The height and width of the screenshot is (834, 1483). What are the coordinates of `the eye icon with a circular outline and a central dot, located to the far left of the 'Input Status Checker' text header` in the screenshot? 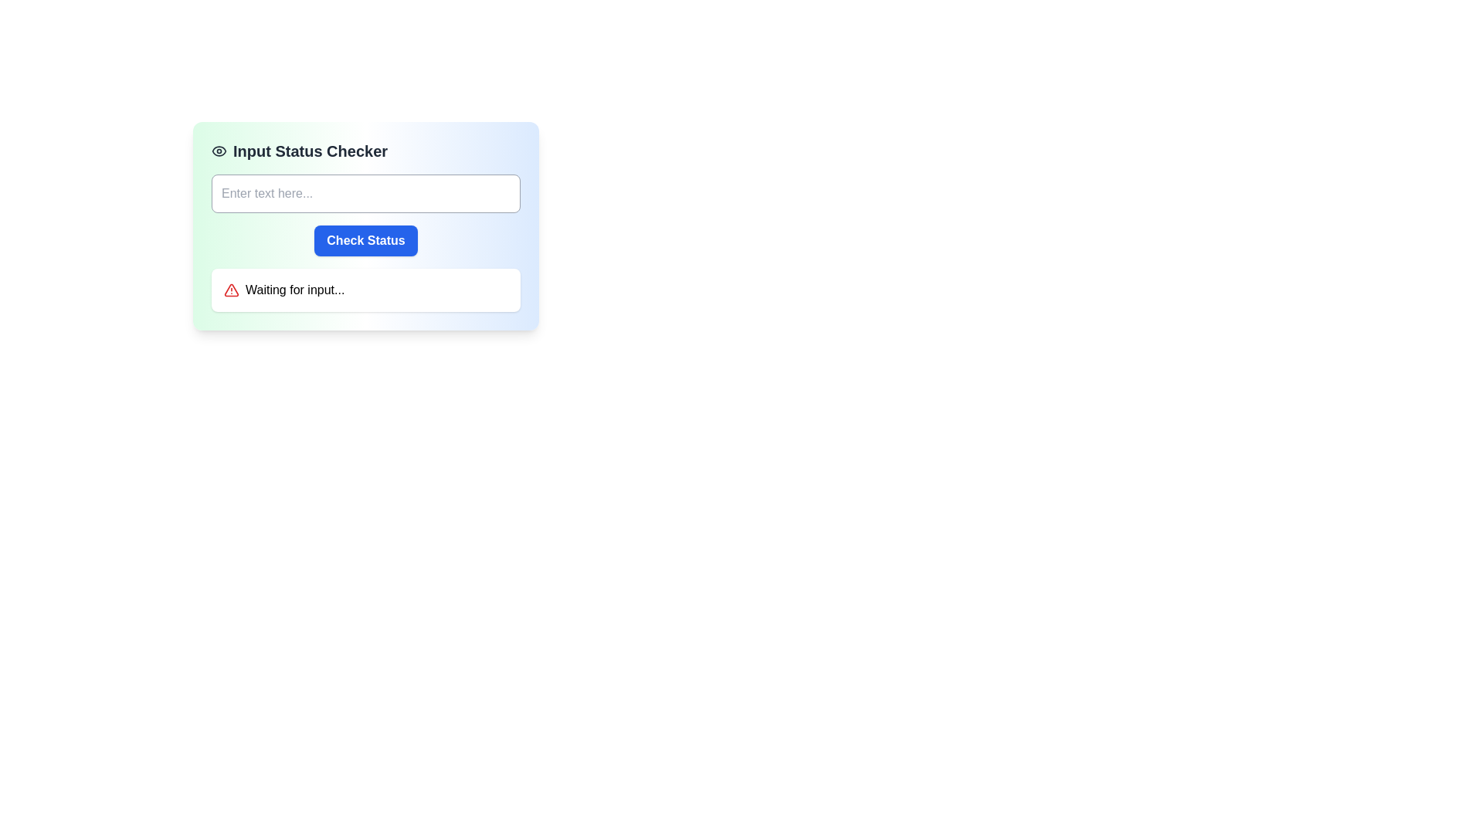 It's located at (218, 151).